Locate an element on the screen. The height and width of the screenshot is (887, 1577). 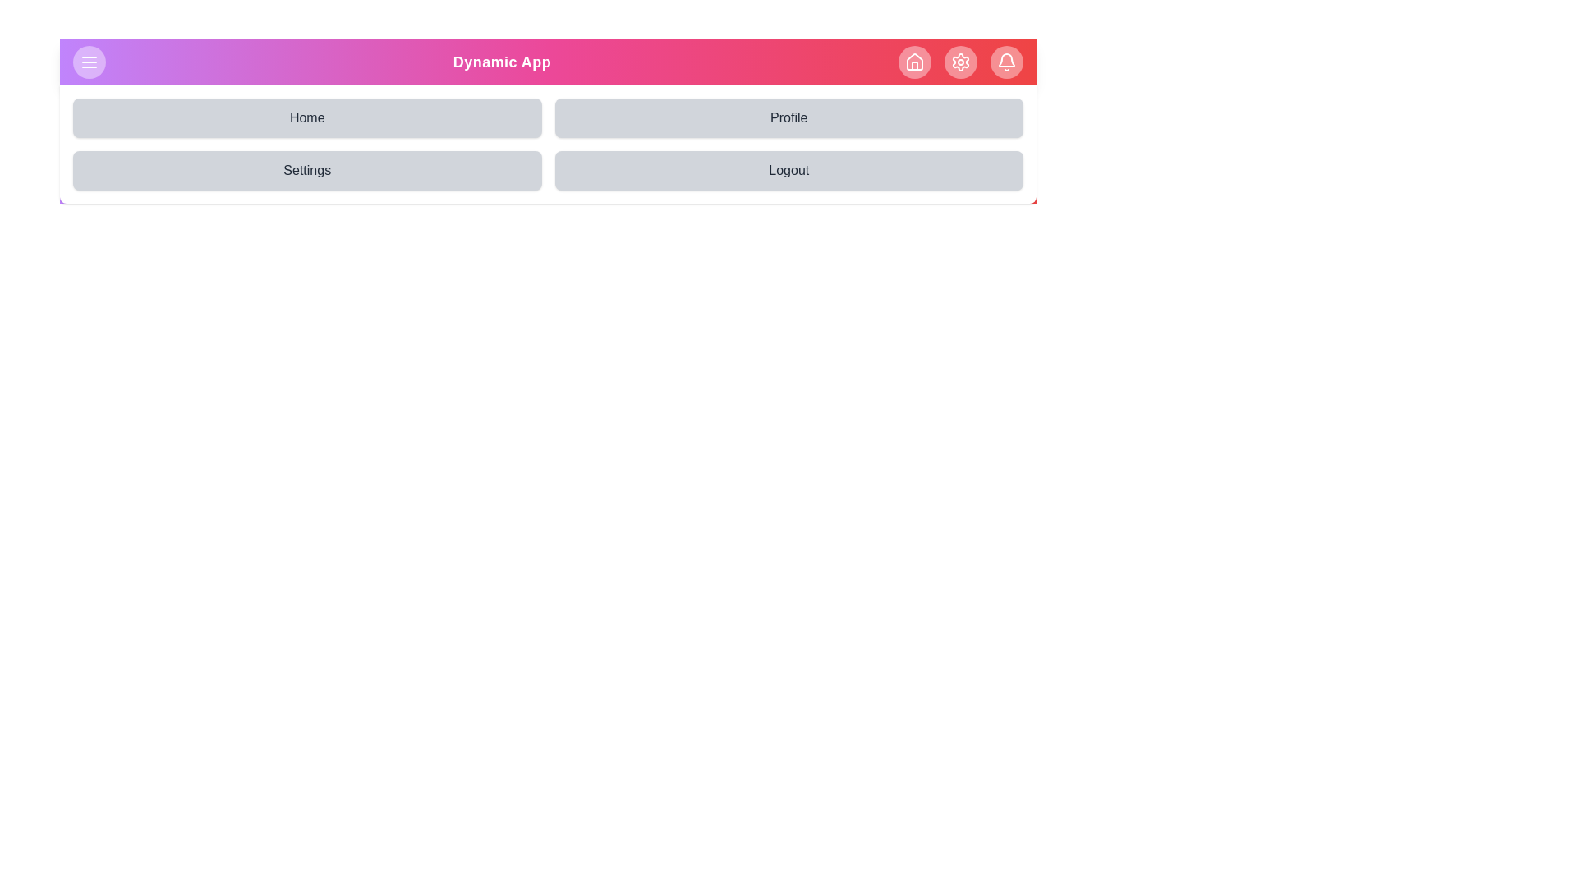
the Settings button in the top bar is located at coordinates (961, 62).